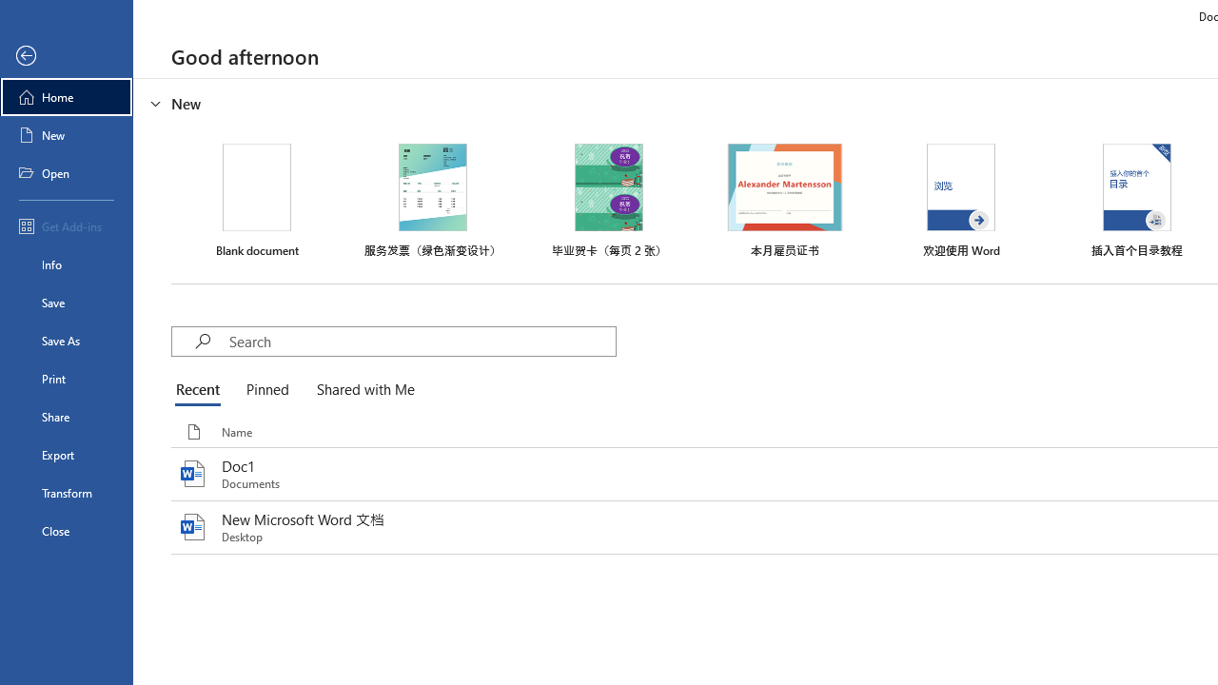 This screenshot has width=1218, height=685. What do you see at coordinates (66, 492) in the screenshot?
I see `'Transform'` at bounding box center [66, 492].